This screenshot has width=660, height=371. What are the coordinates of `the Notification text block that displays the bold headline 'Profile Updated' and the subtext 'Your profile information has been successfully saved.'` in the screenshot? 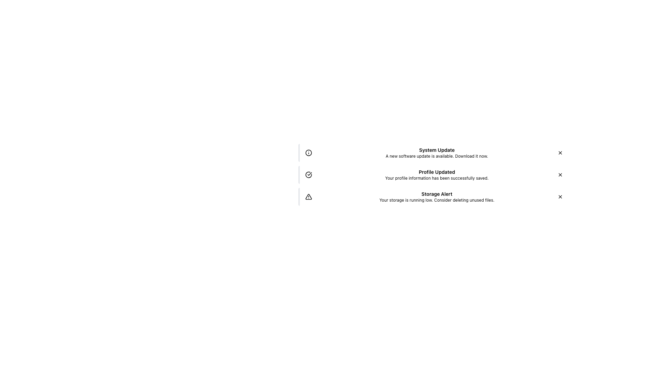 It's located at (437, 175).